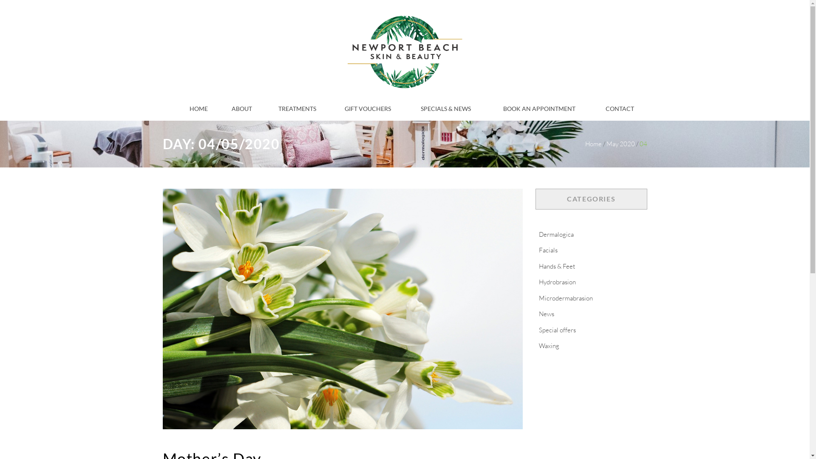  I want to click on 'Home', so click(592, 143).